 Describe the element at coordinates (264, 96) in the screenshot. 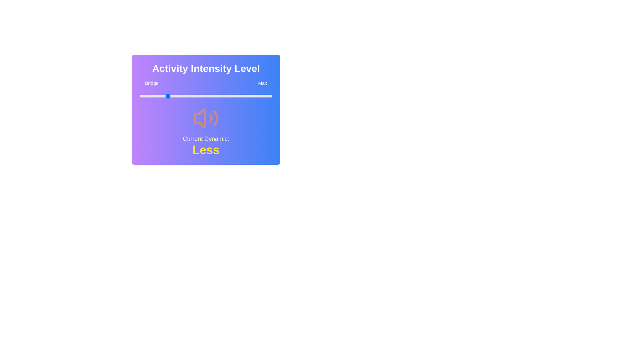

I see `the slider to set the intensity level to 94%` at that location.